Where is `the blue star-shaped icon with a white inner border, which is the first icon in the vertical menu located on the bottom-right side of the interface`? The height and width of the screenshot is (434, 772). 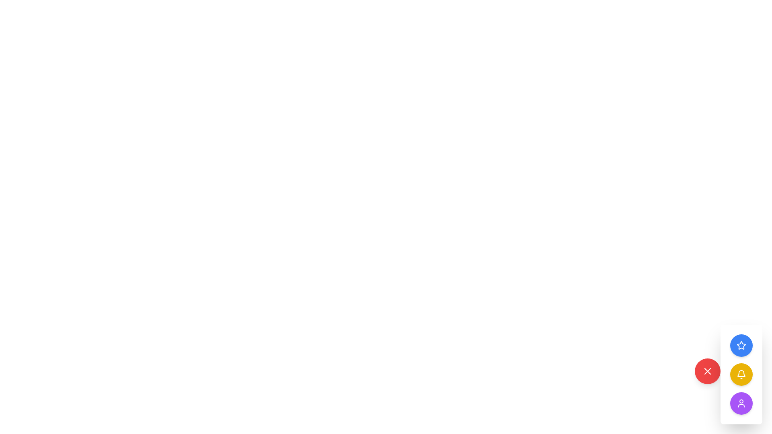 the blue star-shaped icon with a white inner border, which is the first icon in the vertical menu located on the bottom-right side of the interface is located at coordinates (741, 345).